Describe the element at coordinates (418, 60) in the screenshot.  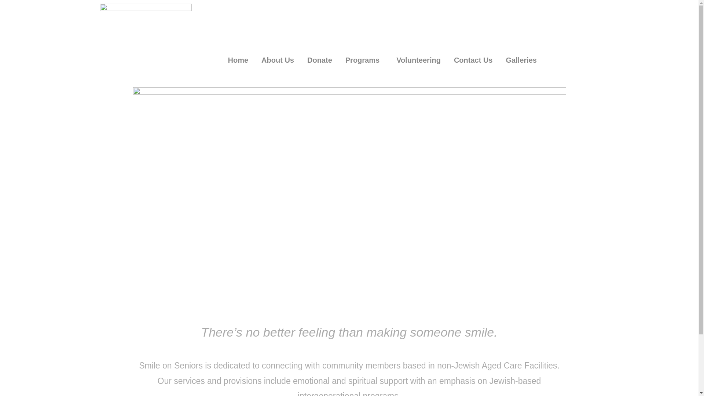
I see `'Volunteering'` at that location.